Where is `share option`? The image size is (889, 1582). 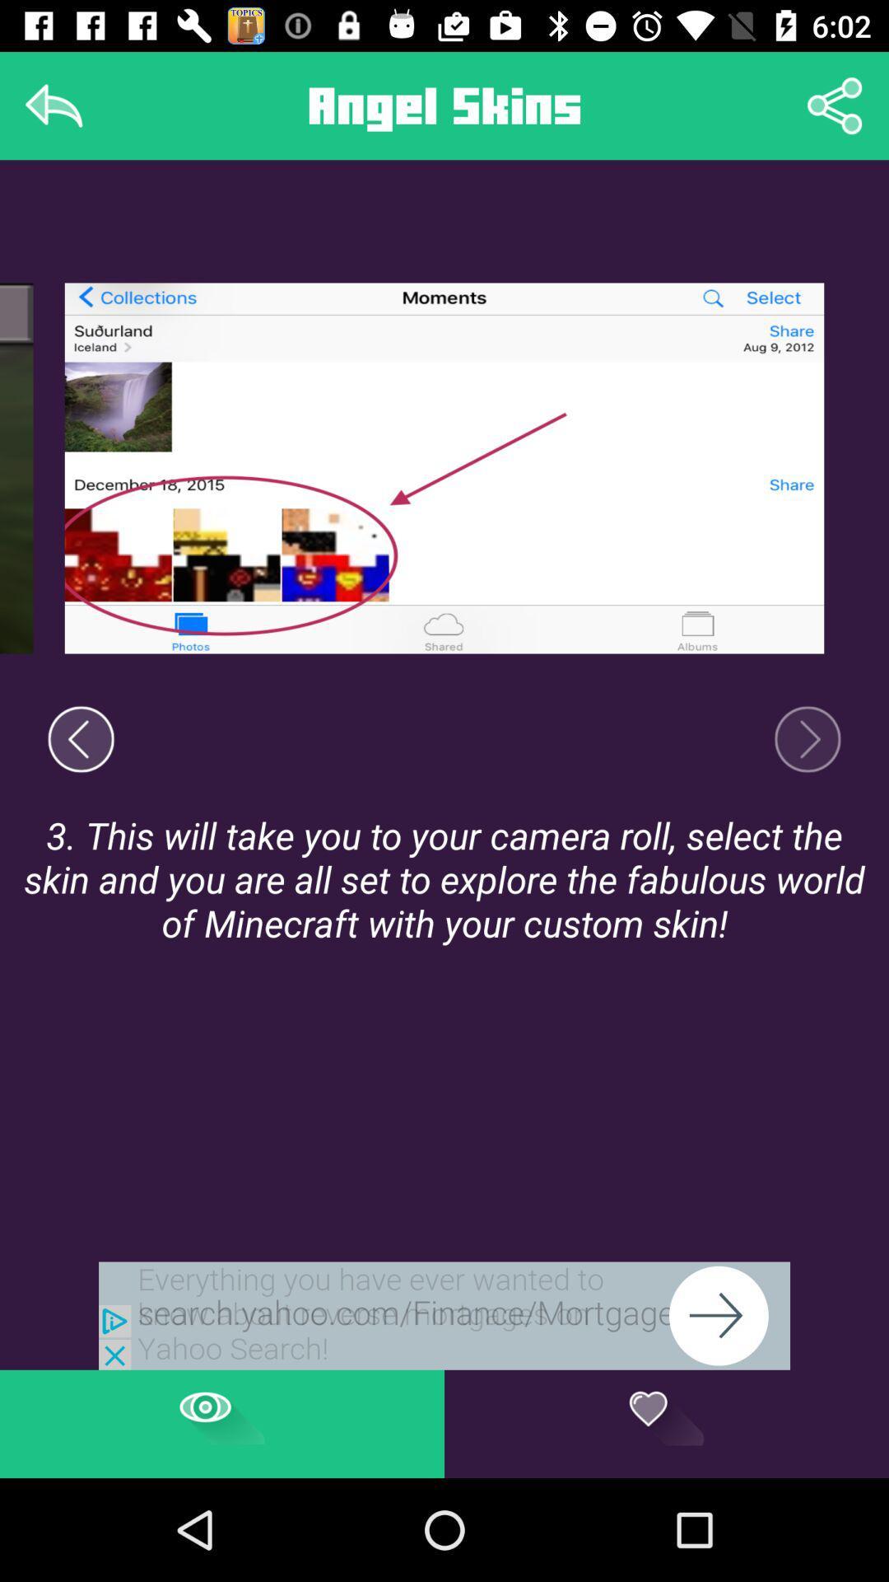
share option is located at coordinates (835, 105).